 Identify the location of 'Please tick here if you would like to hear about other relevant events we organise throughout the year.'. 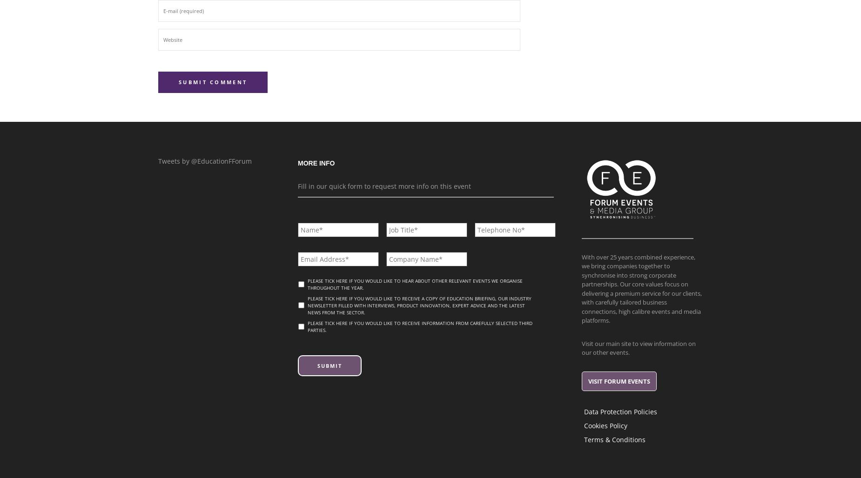
(415, 284).